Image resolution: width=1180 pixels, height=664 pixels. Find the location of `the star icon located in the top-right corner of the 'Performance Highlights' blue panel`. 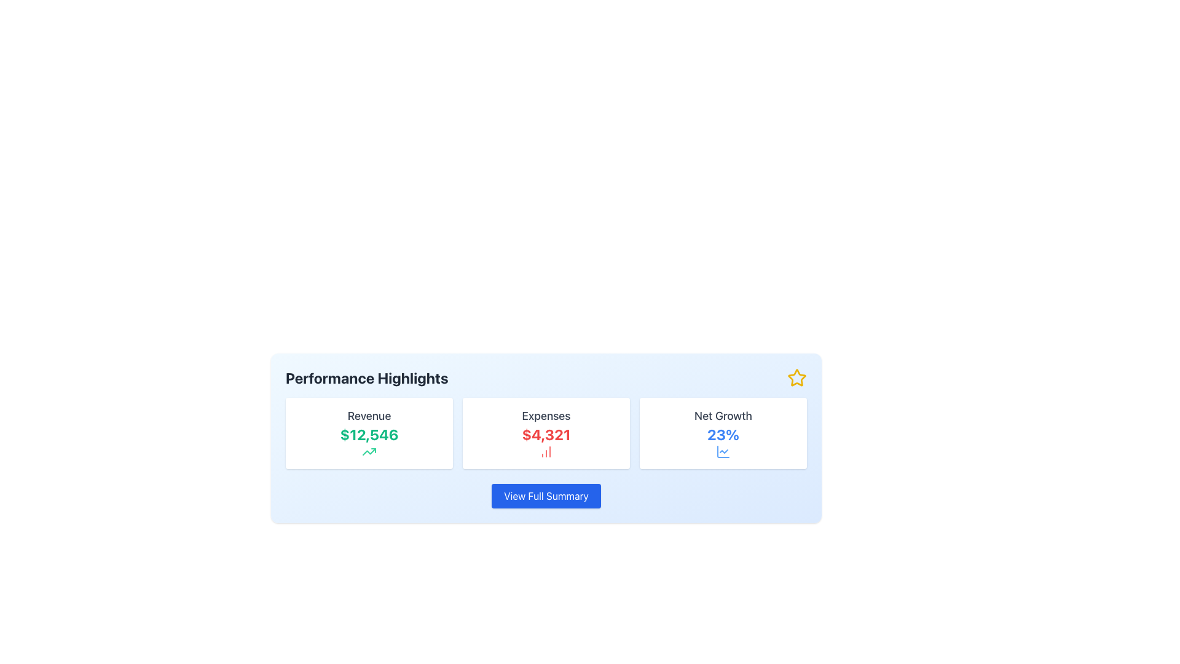

the star icon located in the top-right corner of the 'Performance Highlights' blue panel is located at coordinates (796, 377).